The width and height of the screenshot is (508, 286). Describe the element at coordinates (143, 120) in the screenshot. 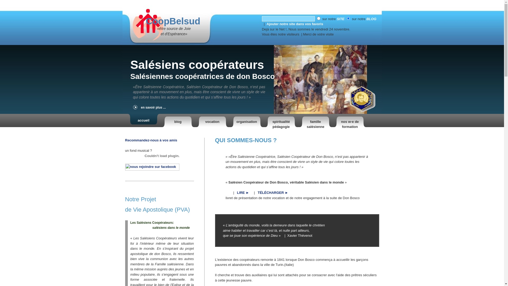

I see `'accueil'` at that location.